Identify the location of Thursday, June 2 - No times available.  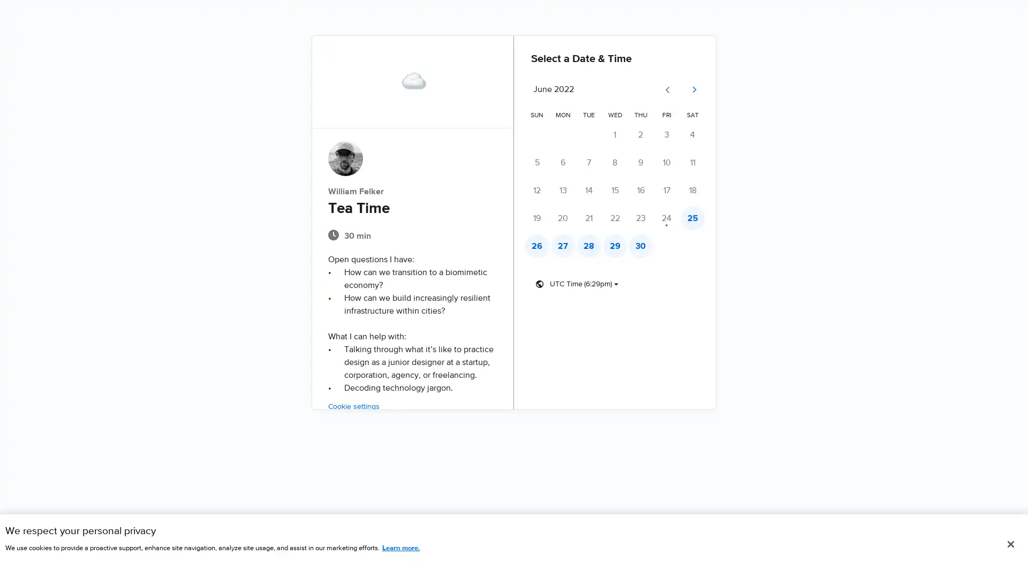
(647, 134).